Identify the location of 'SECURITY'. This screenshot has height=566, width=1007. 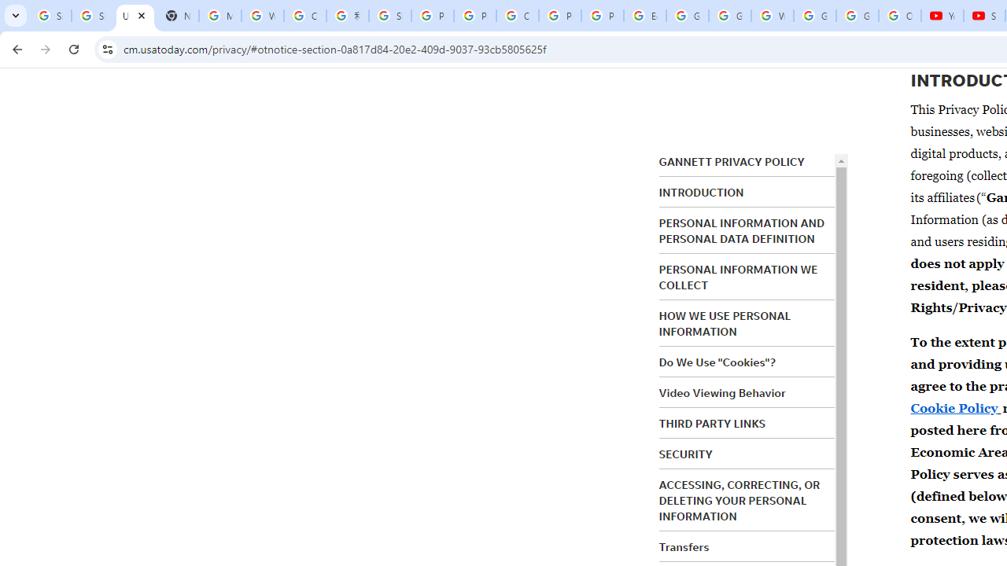
(685, 454).